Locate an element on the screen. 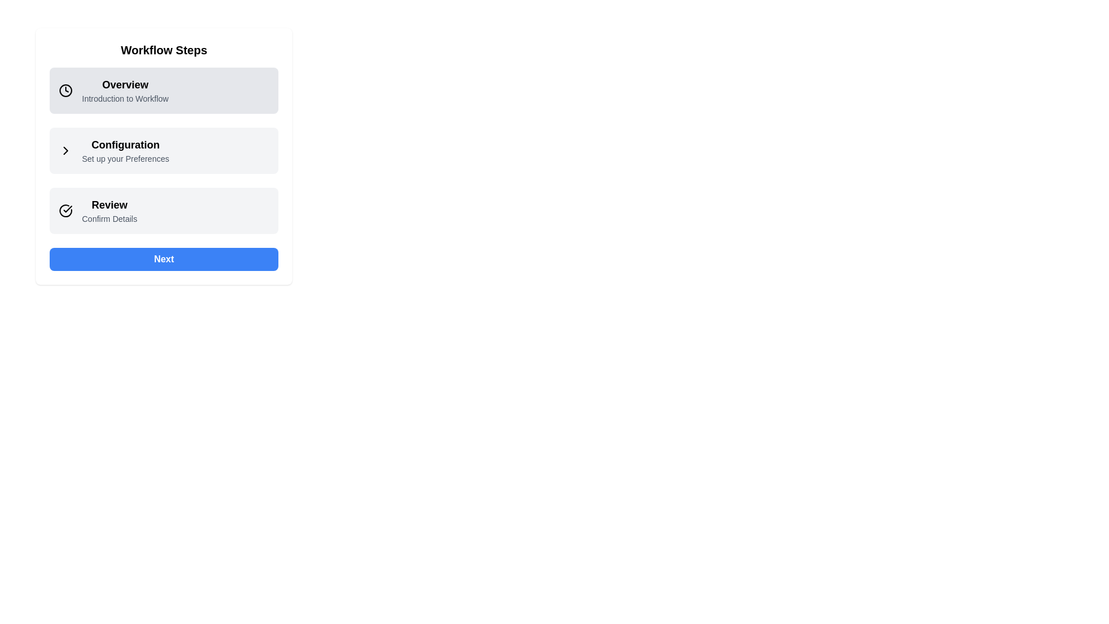  the clock icon representing the 'Overview' step in the workflow process, located at the top-left corner of the 'Overview' list item is located at coordinates (65, 90).